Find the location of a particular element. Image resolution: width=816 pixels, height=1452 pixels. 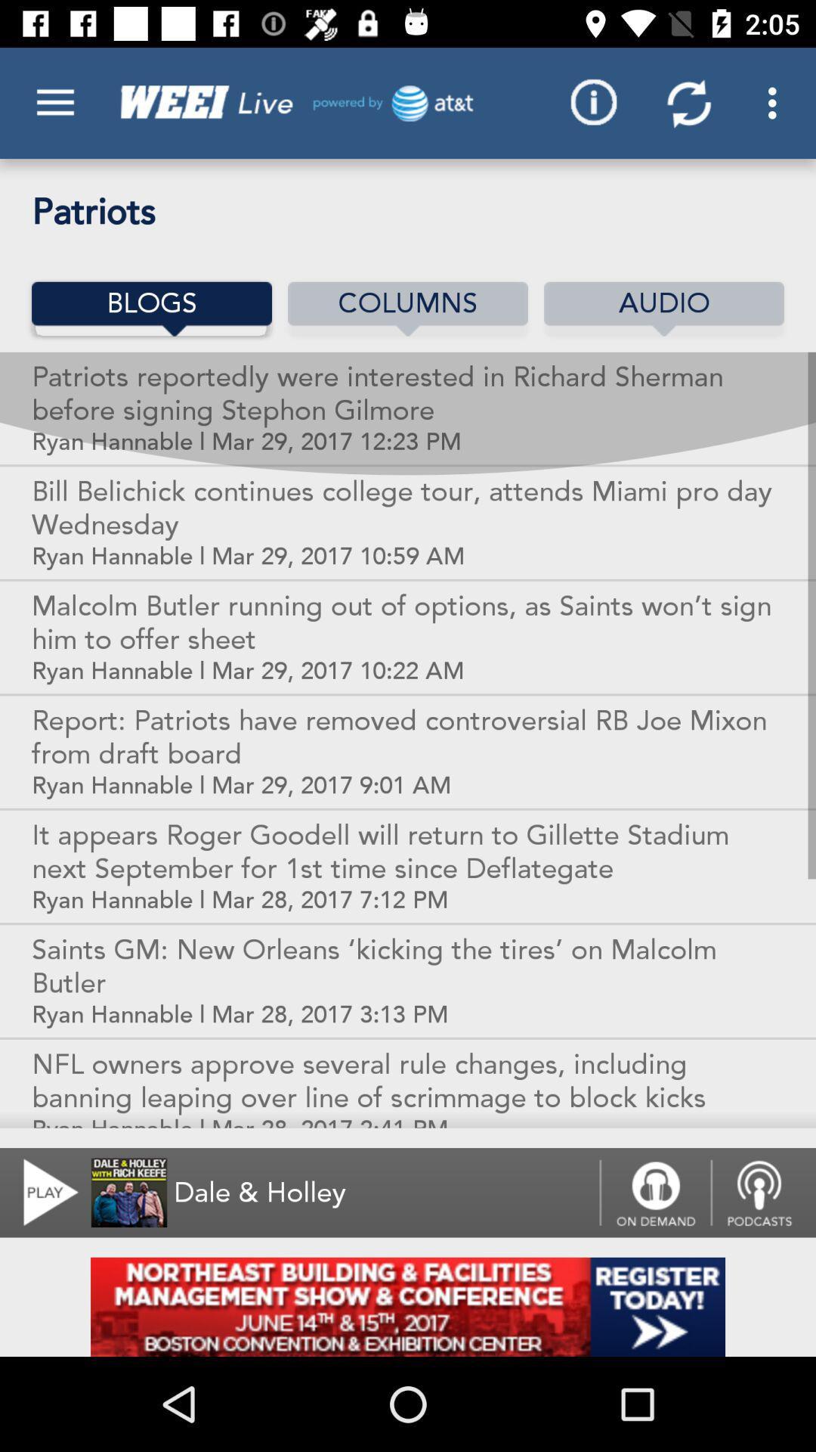

the lock icon is located at coordinates (654, 1192).